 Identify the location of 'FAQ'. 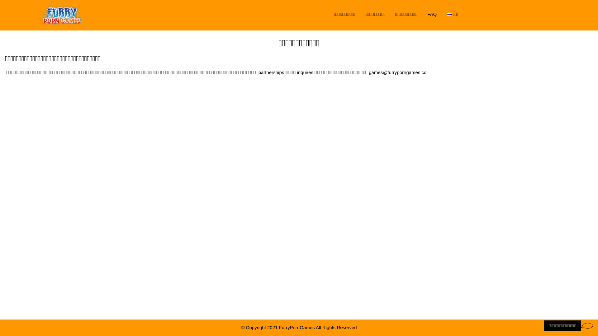
(432, 14).